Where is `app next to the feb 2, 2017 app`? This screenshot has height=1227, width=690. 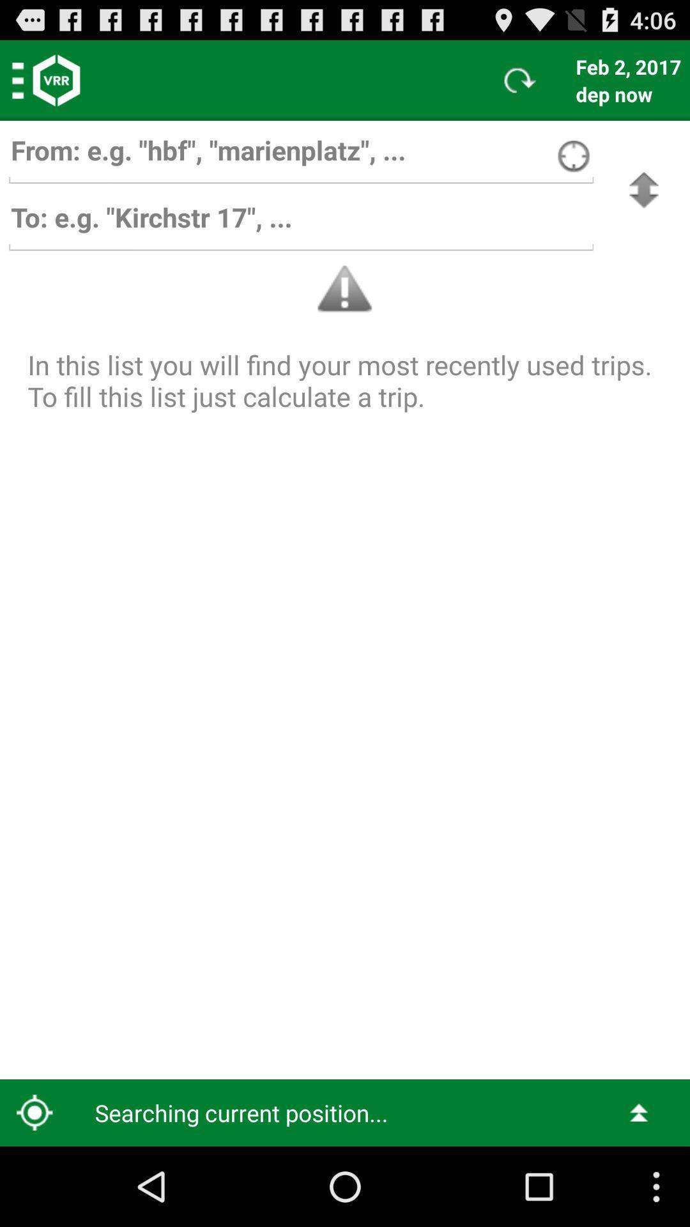
app next to the feb 2, 2017 app is located at coordinates (520, 79).